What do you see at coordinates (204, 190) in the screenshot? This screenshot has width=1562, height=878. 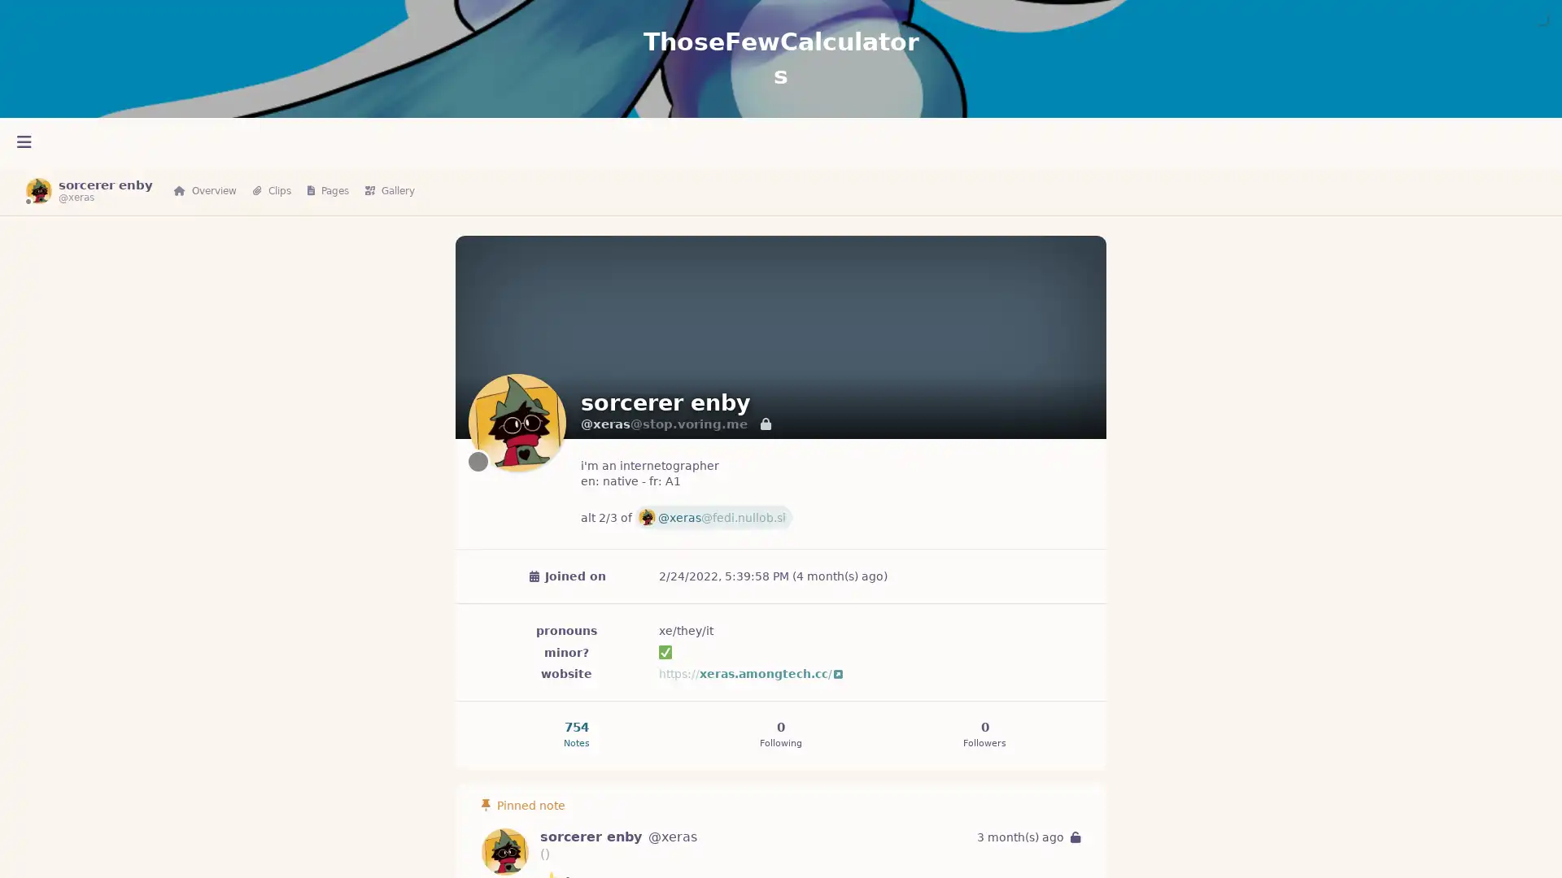 I see `Overview` at bounding box center [204, 190].